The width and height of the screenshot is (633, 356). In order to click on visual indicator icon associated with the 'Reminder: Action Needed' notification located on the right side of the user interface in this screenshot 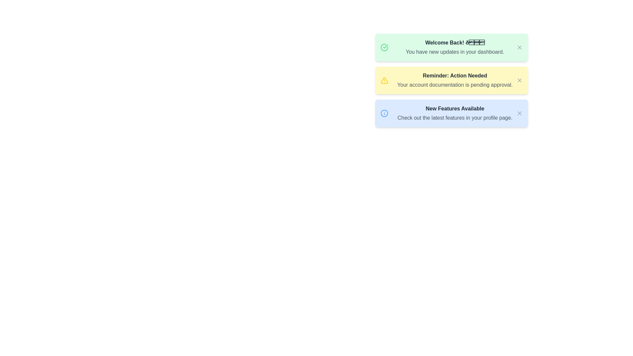, I will do `click(384, 80)`.